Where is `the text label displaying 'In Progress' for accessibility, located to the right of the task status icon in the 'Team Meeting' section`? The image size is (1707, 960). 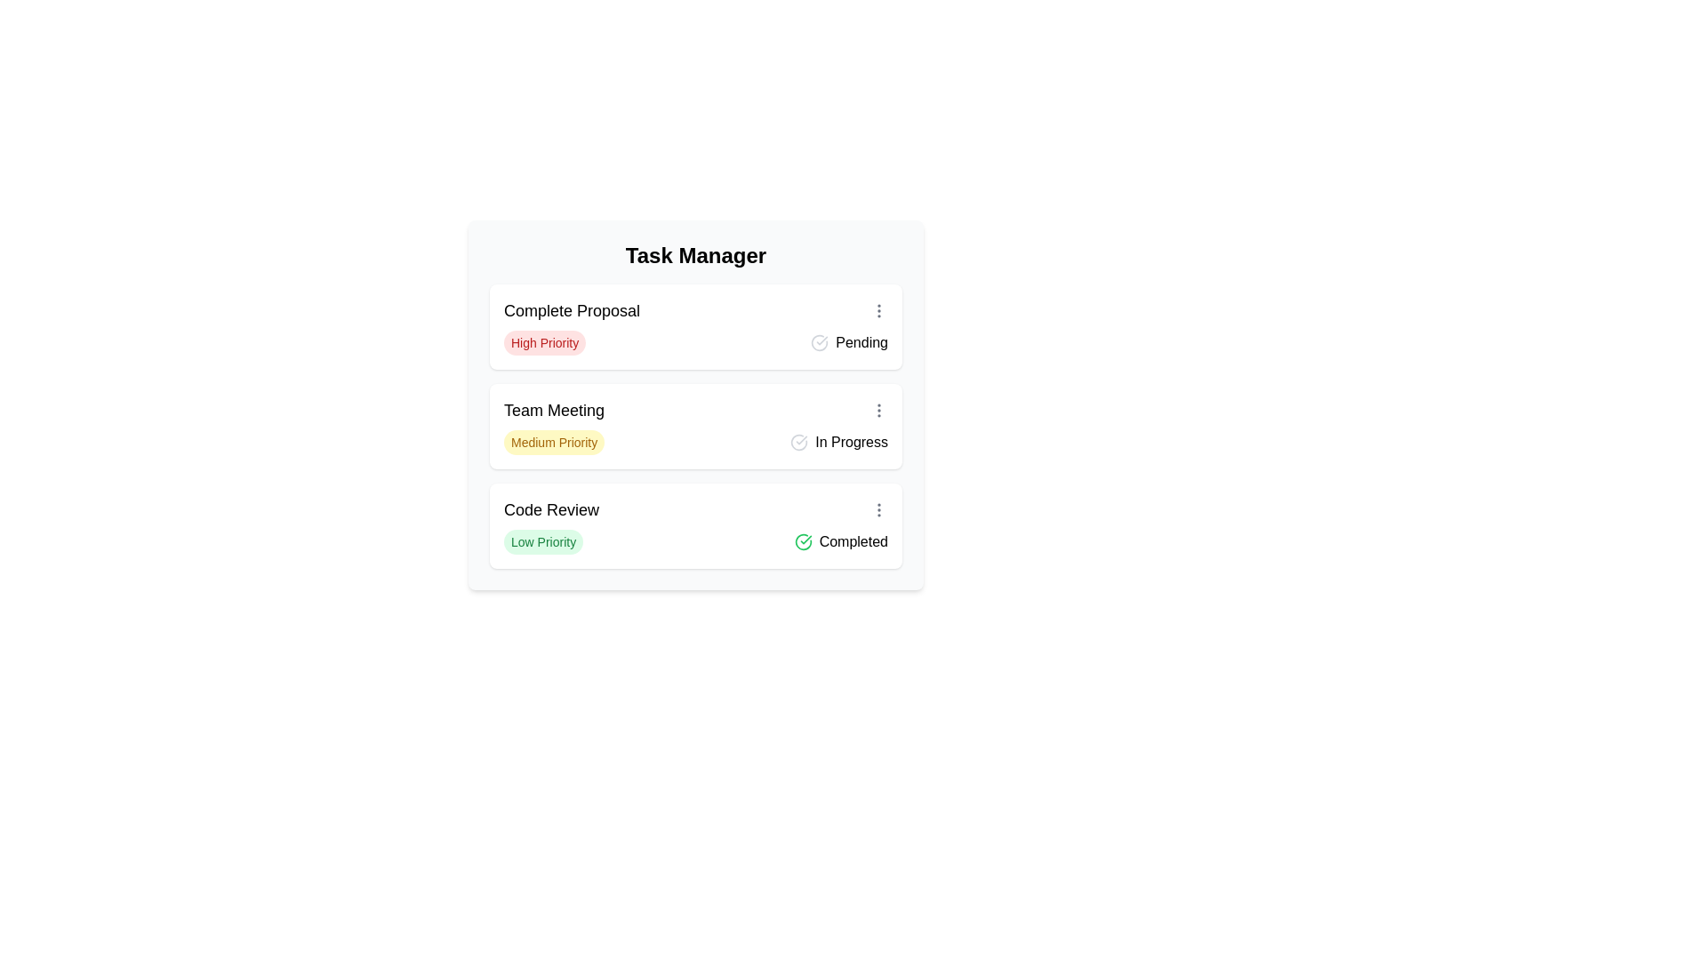
the text label displaying 'In Progress' for accessibility, located to the right of the task status icon in the 'Team Meeting' section is located at coordinates (851, 441).